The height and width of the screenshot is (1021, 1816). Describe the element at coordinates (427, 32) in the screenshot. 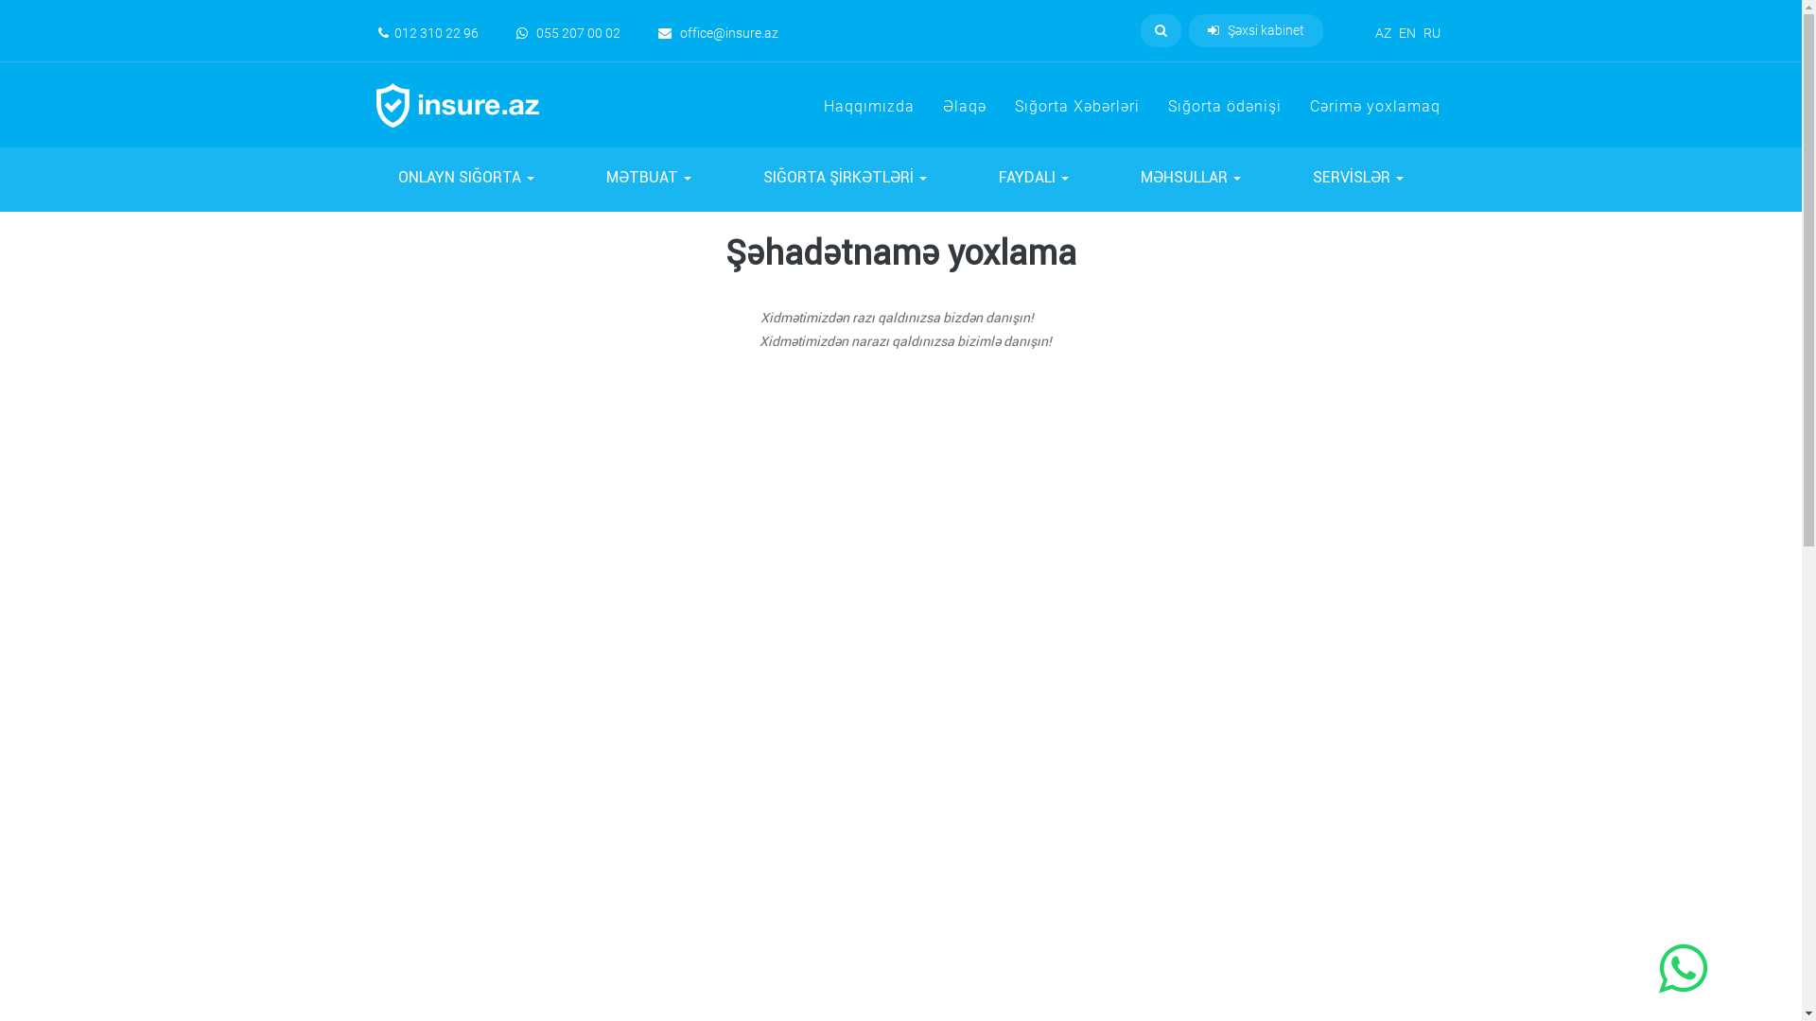

I see `'012 310 22 96'` at that location.